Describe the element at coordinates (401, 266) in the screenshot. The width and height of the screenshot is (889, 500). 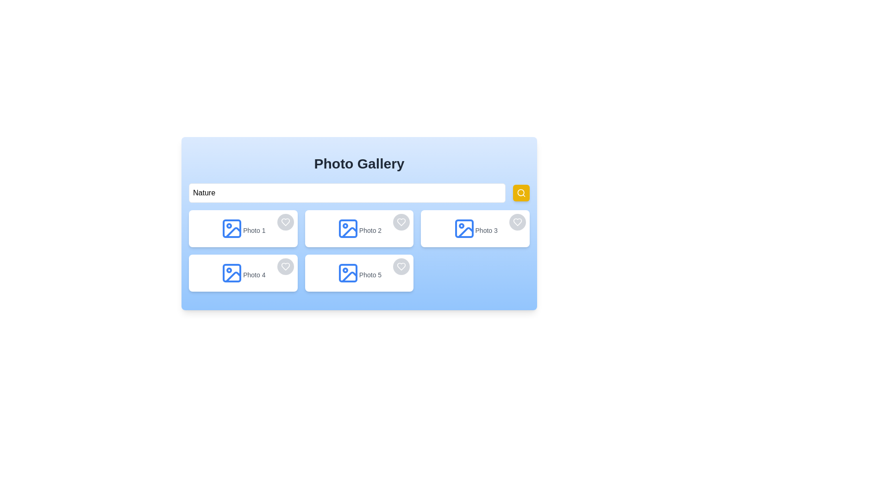
I see `the 'like' button for 'Photo 5'` at that location.